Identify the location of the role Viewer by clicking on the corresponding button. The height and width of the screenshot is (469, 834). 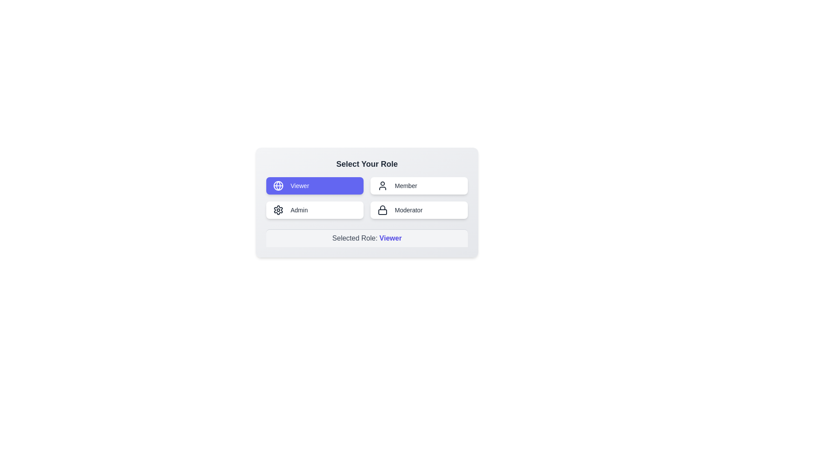
(314, 185).